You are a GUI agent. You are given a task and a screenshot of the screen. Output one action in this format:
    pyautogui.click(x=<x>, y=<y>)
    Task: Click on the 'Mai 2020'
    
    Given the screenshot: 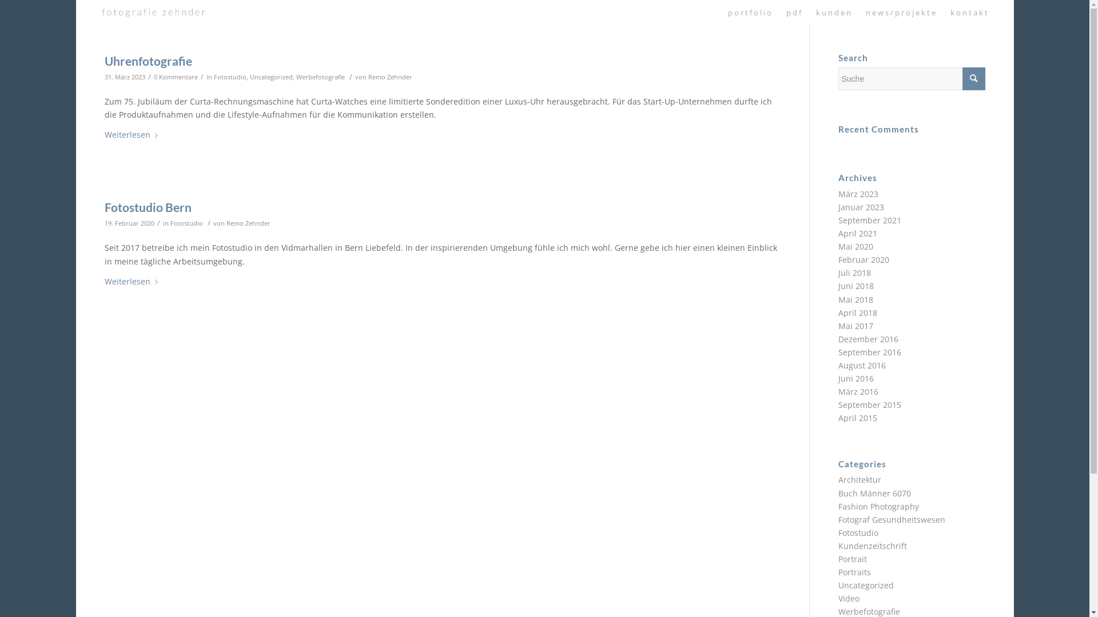 What is the action you would take?
    pyautogui.click(x=856, y=246)
    